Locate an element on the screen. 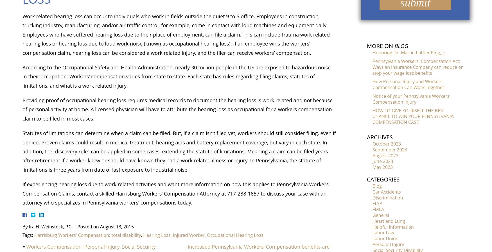  'Car Accidents' is located at coordinates (386, 191).